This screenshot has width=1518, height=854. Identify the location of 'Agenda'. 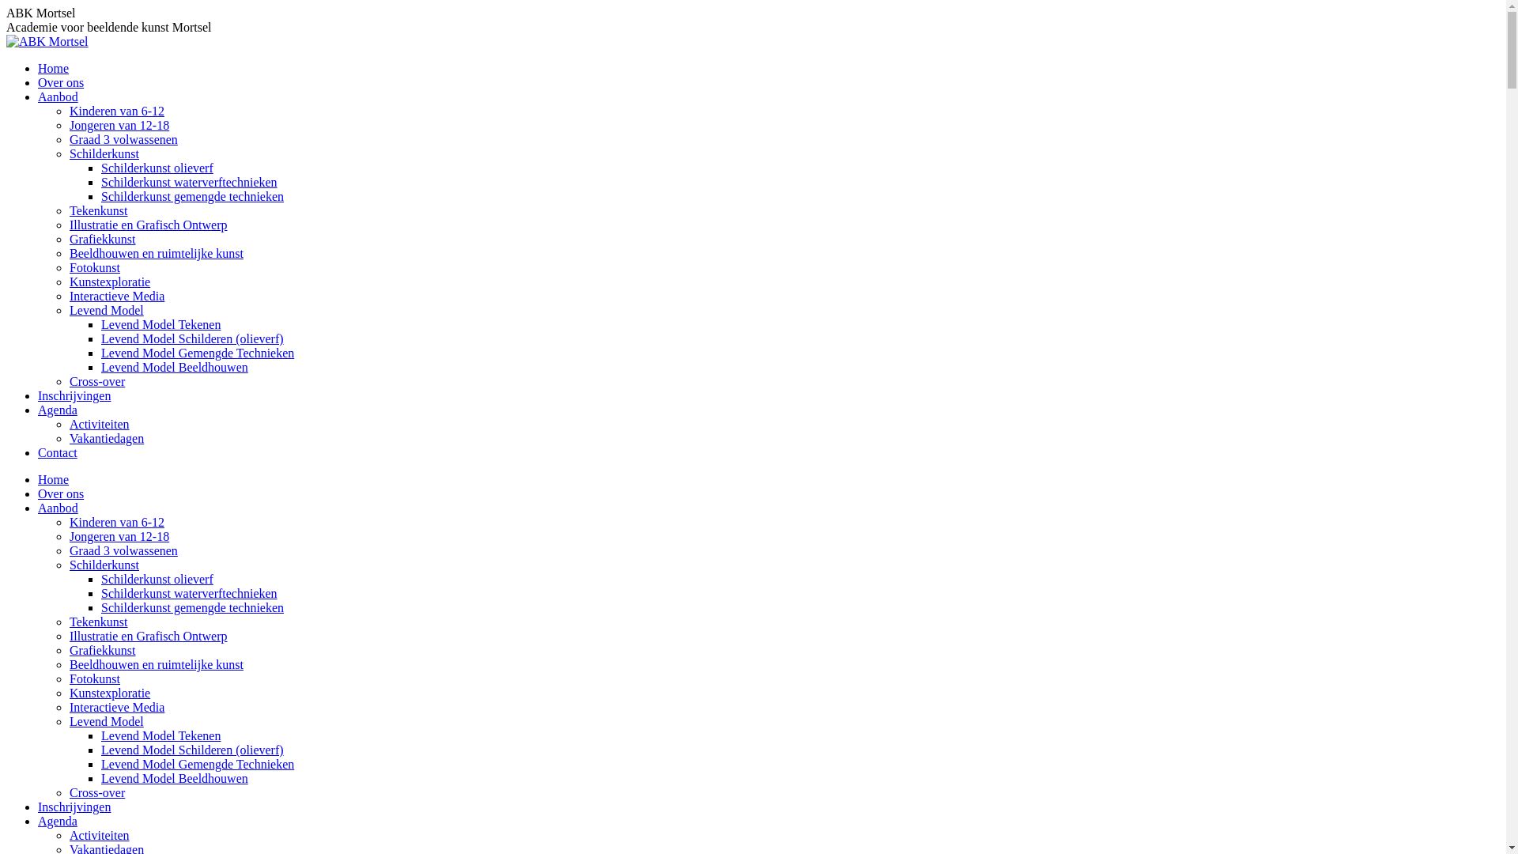
(57, 820).